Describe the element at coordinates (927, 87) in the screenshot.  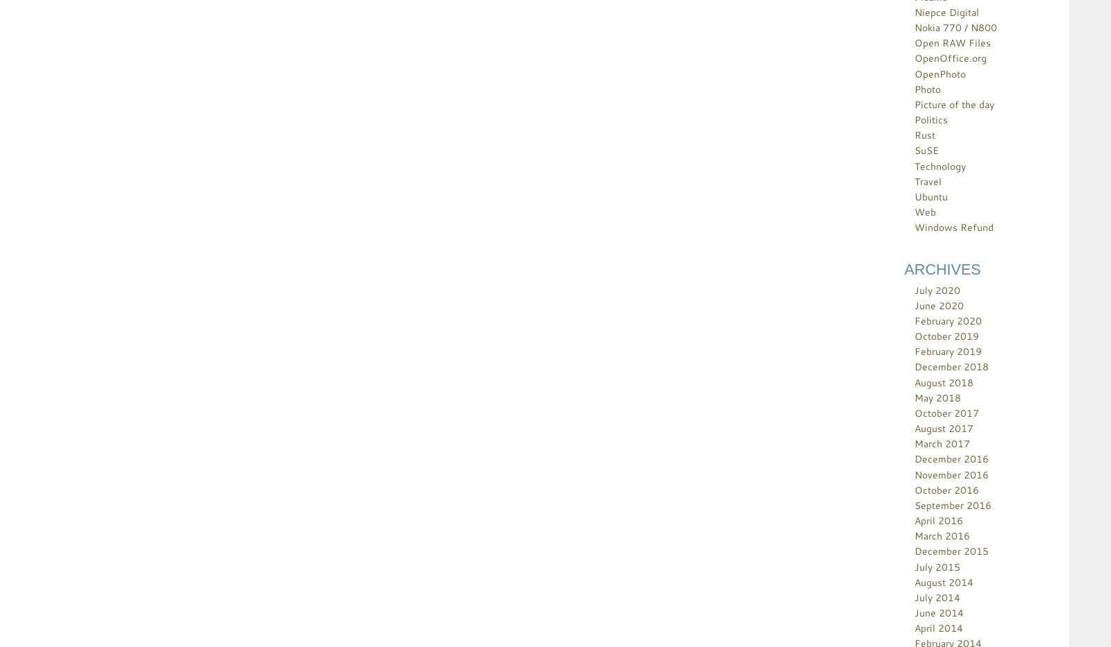
I see `'Photo'` at that location.